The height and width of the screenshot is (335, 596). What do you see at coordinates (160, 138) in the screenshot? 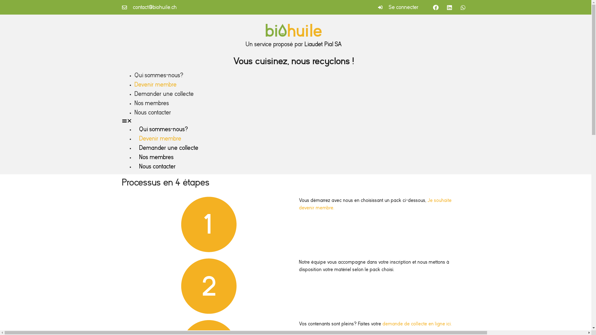
I see `'Devenir membre'` at bounding box center [160, 138].